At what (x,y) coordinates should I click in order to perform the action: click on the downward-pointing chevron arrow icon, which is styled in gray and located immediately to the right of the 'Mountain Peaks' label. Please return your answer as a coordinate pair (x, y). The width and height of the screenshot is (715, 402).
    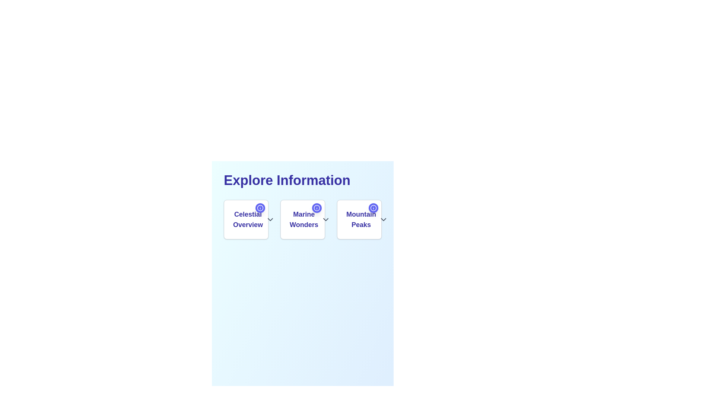
    Looking at the image, I should click on (383, 219).